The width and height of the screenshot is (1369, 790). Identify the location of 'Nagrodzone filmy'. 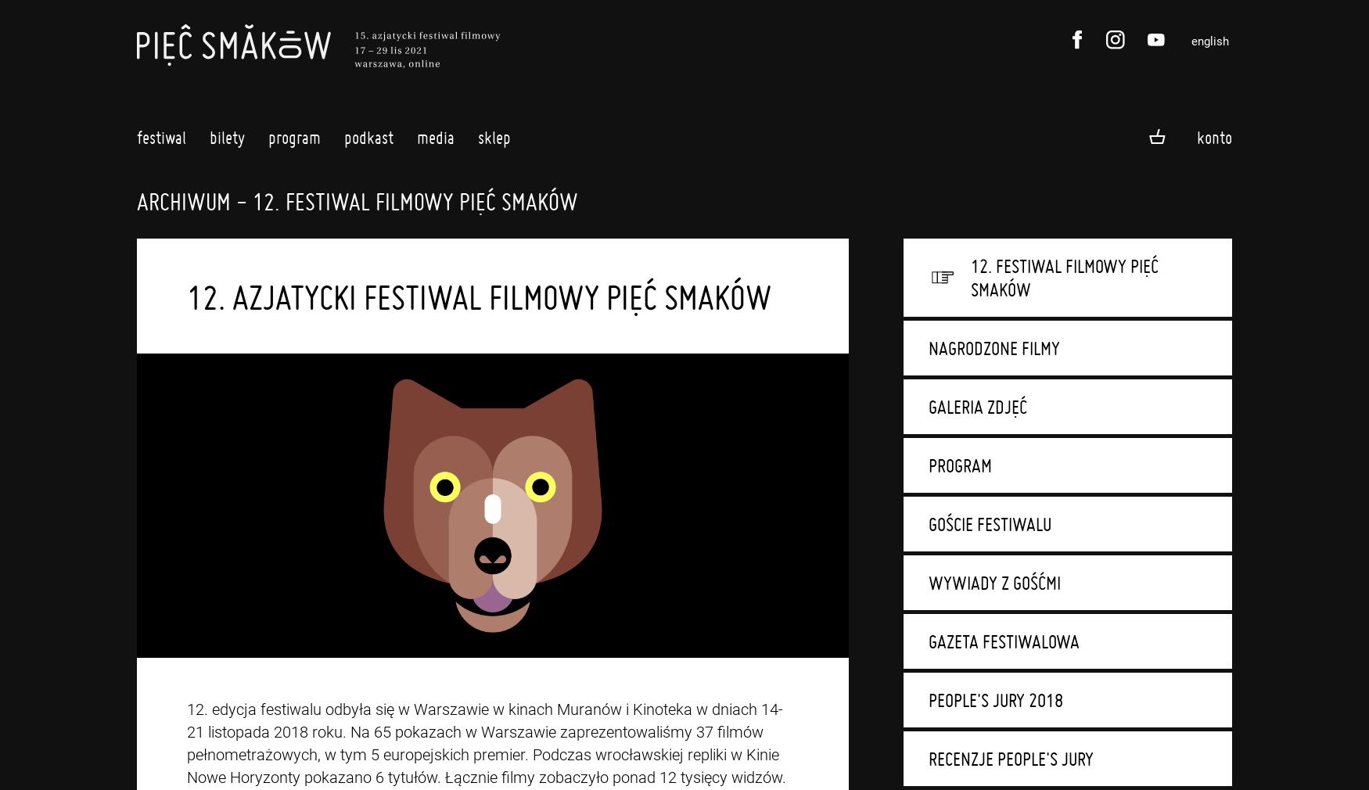
(994, 348).